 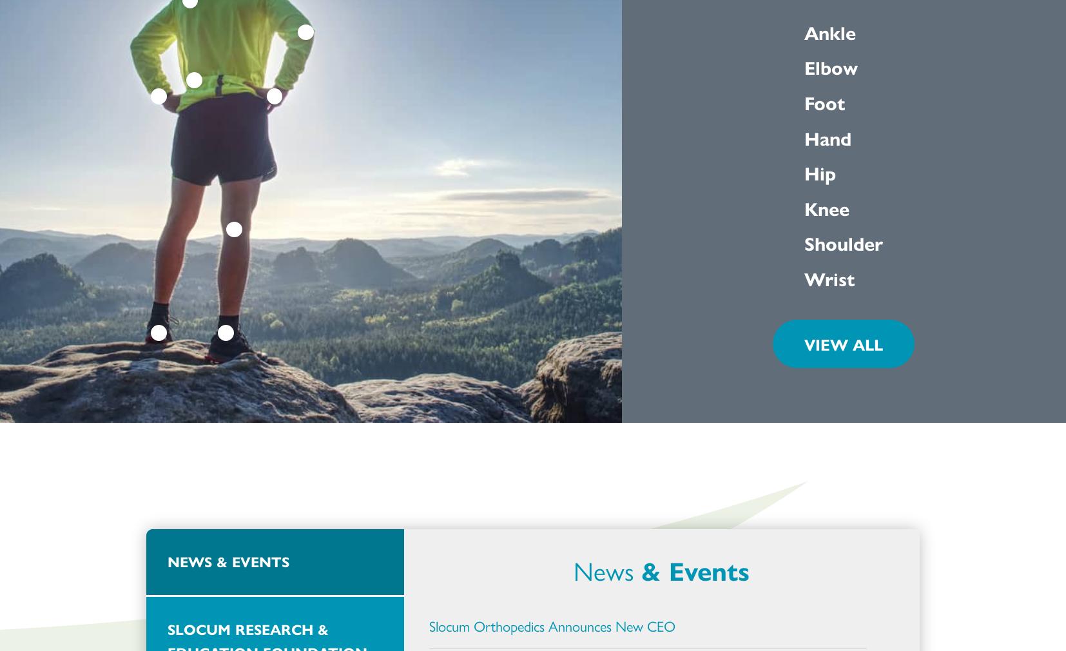 I want to click on 'Slocum Orthopedics Announces New CEO', so click(x=551, y=626).